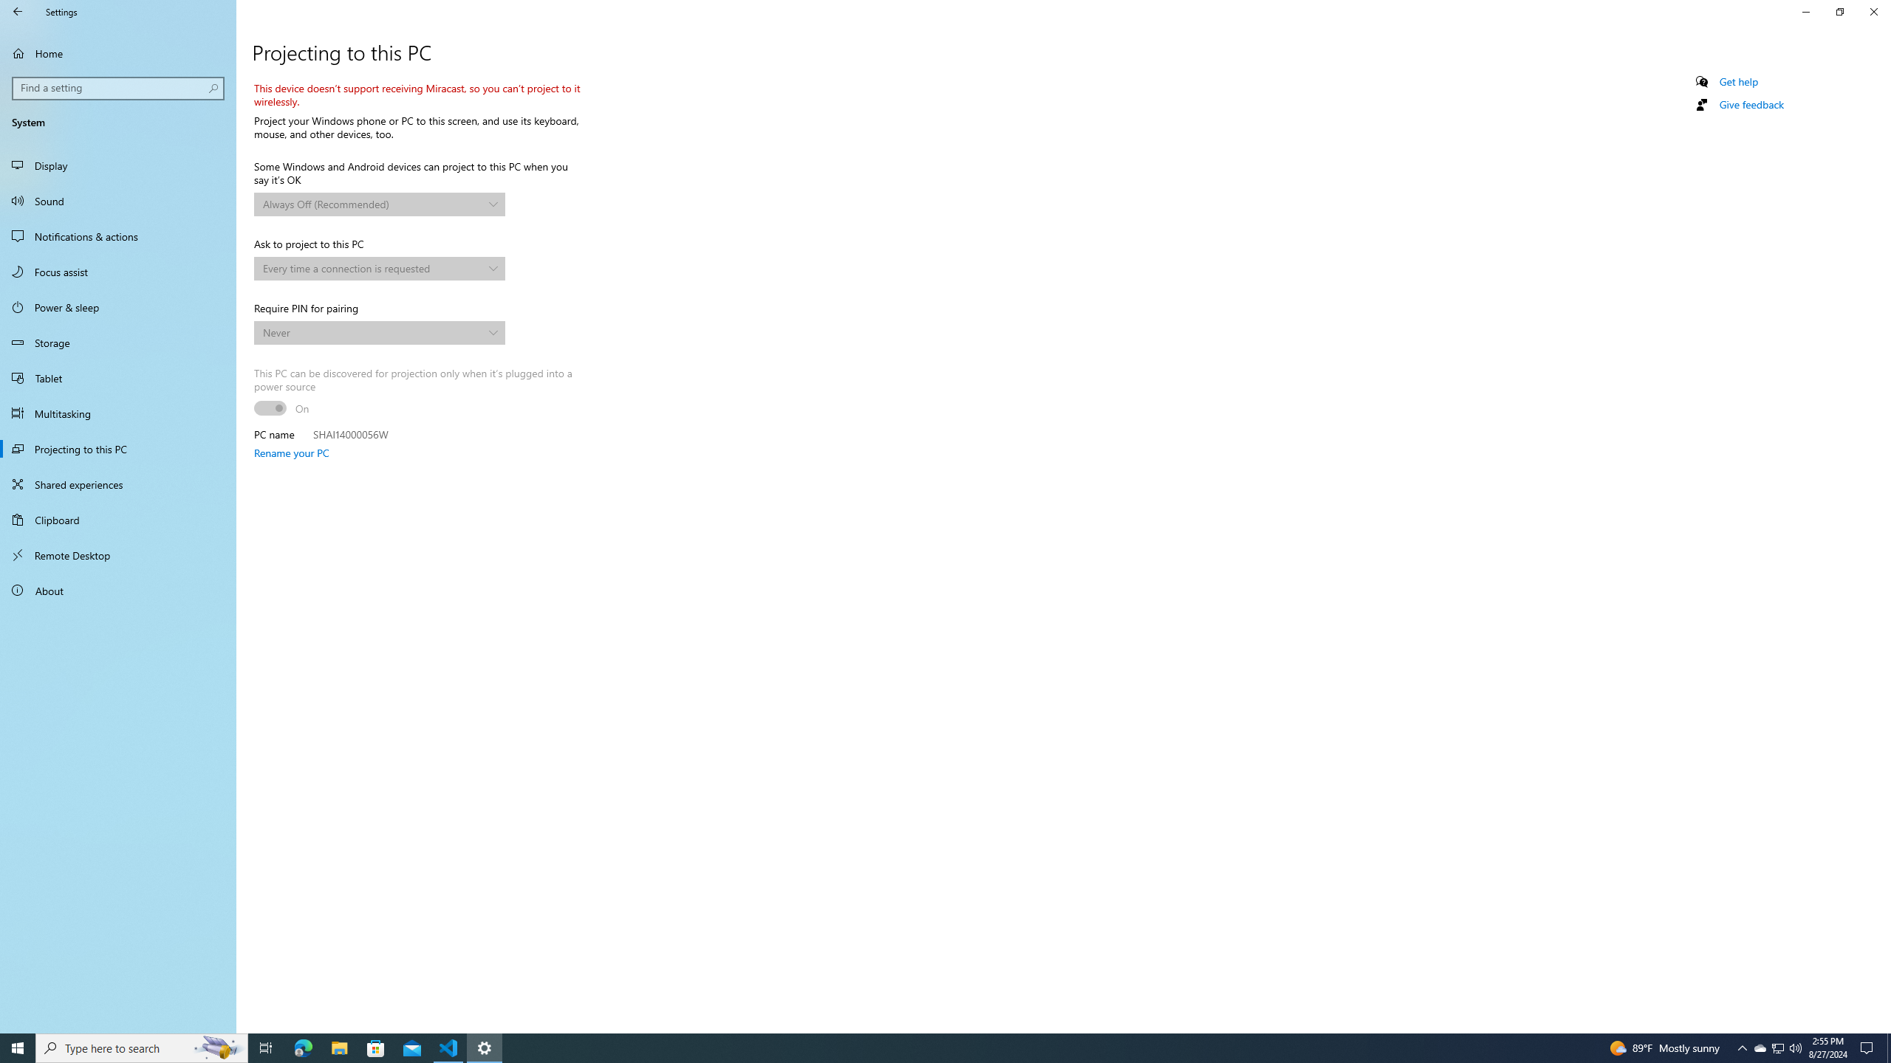 This screenshot has width=1891, height=1063. I want to click on 'Get help', so click(1737, 81).